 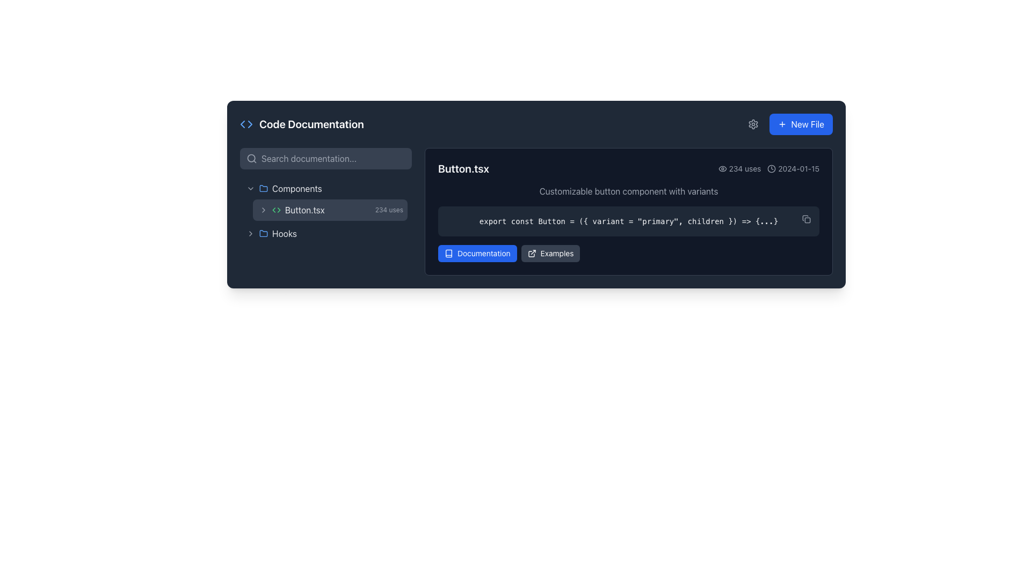 What do you see at coordinates (477, 254) in the screenshot?
I see `the 'Documentation' button located at the bottom-left of the main content card` at bounding box center [477, 254].